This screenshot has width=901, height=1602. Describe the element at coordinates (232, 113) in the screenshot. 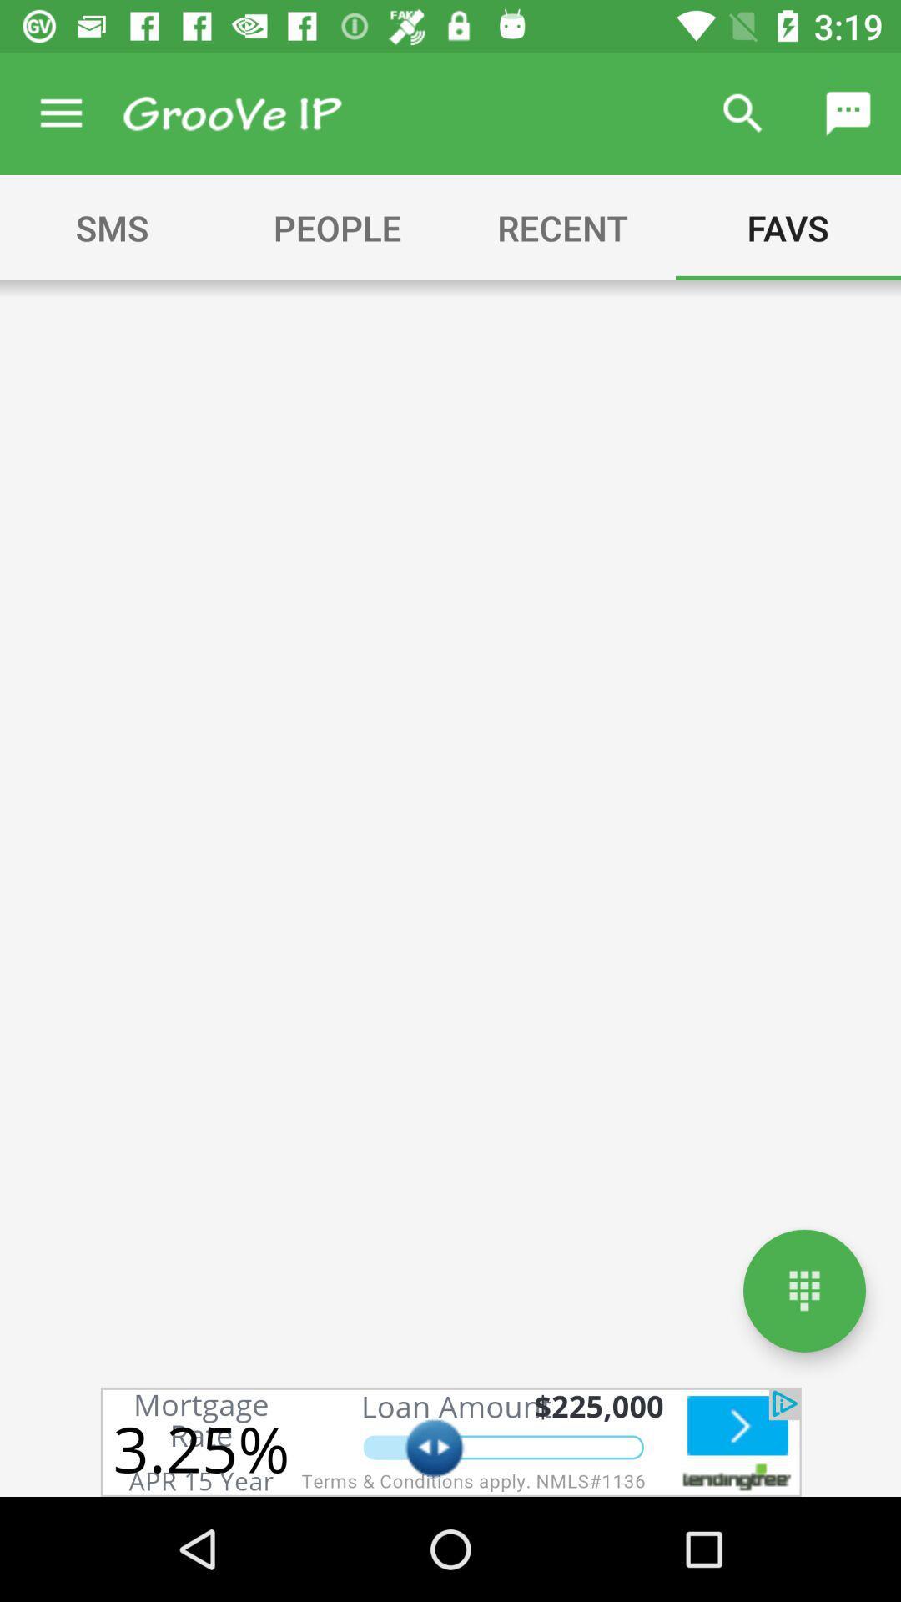

I see `grooveip homepage` at that location.